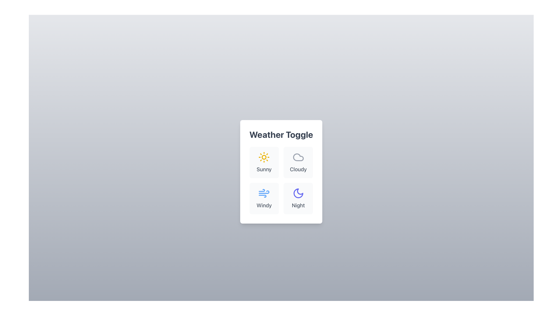 The height and width of the screenshot is (314, 559). I want to click on the button in the bottom-left corner of the grid layout, so click(264, 198).